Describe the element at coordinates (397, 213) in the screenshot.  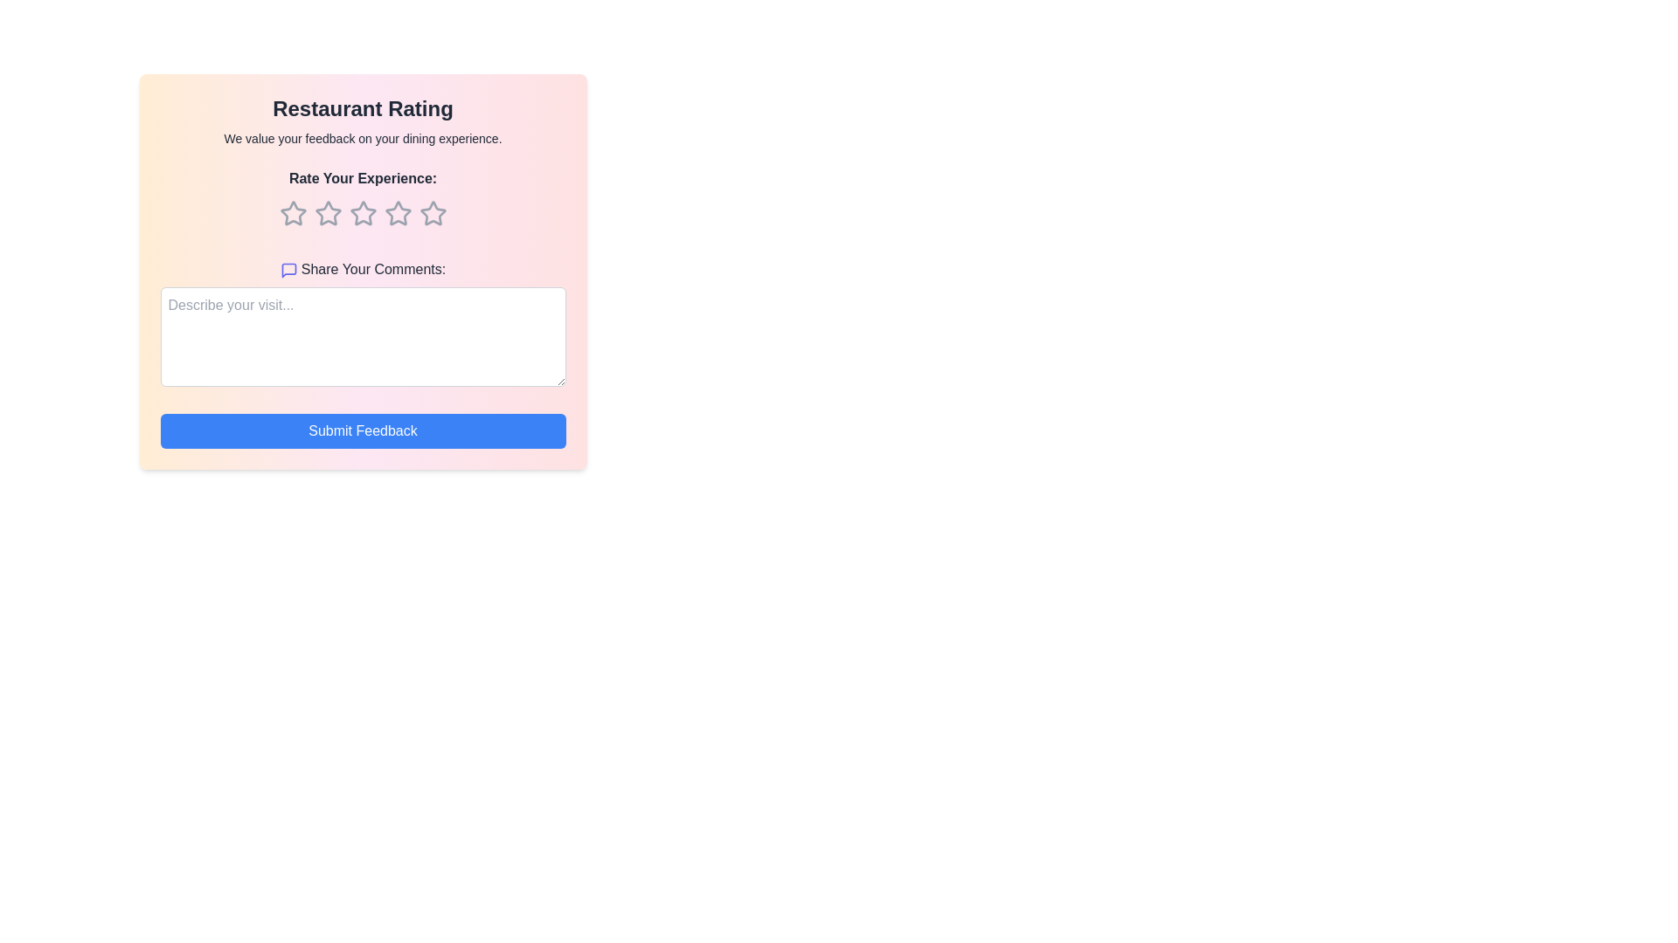
I see `the fourth star icon used for rating, which has a hollow outline and a transparent center` at that location.